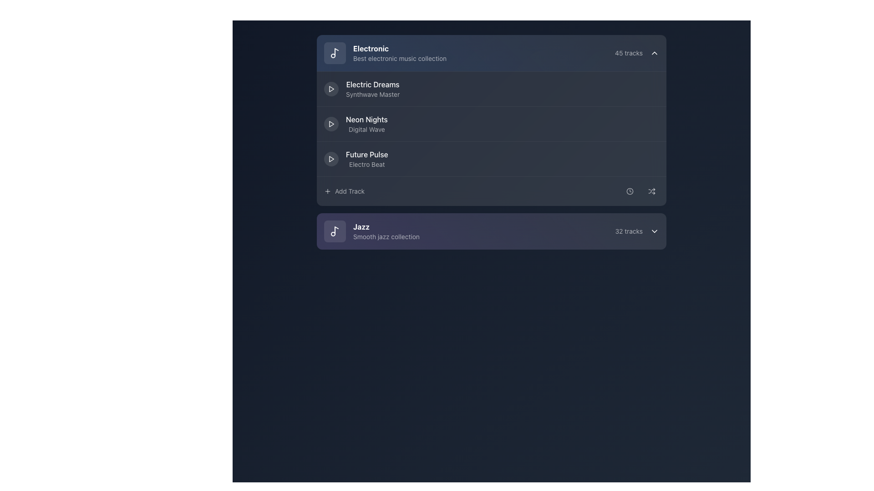  What do you see at coordinates (331, 89) in the screenshot?
I see `the play button for the 'Electric Dreams' track to change its background color` at bounding box center [331, 89].